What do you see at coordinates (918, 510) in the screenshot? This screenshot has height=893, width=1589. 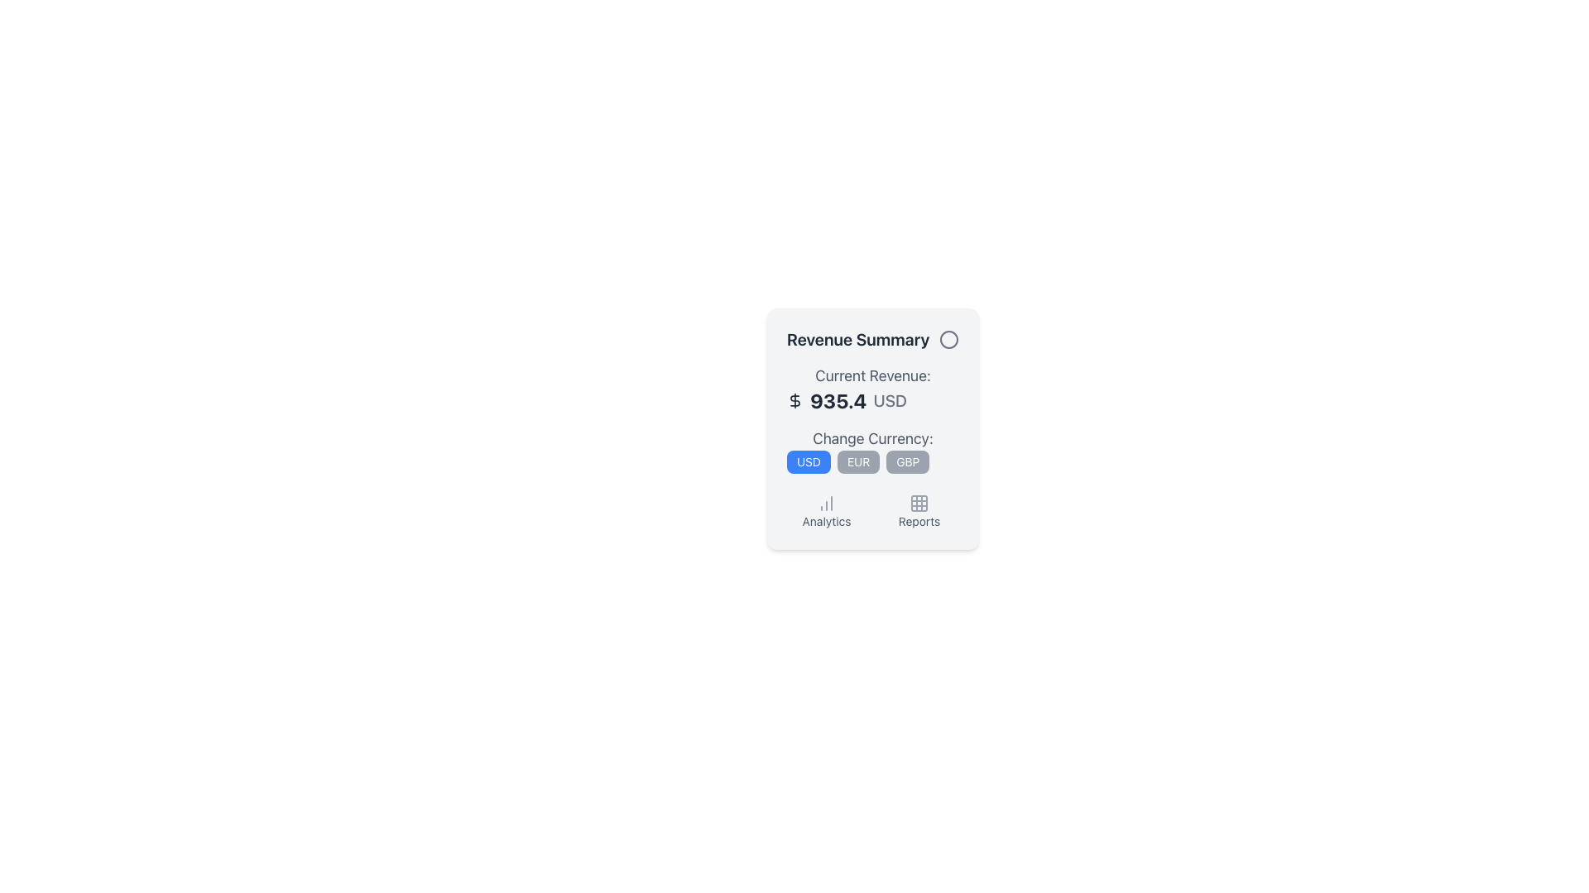 I see `the button located in the bottom-right part of the layout` at bounding box center [918, 510].